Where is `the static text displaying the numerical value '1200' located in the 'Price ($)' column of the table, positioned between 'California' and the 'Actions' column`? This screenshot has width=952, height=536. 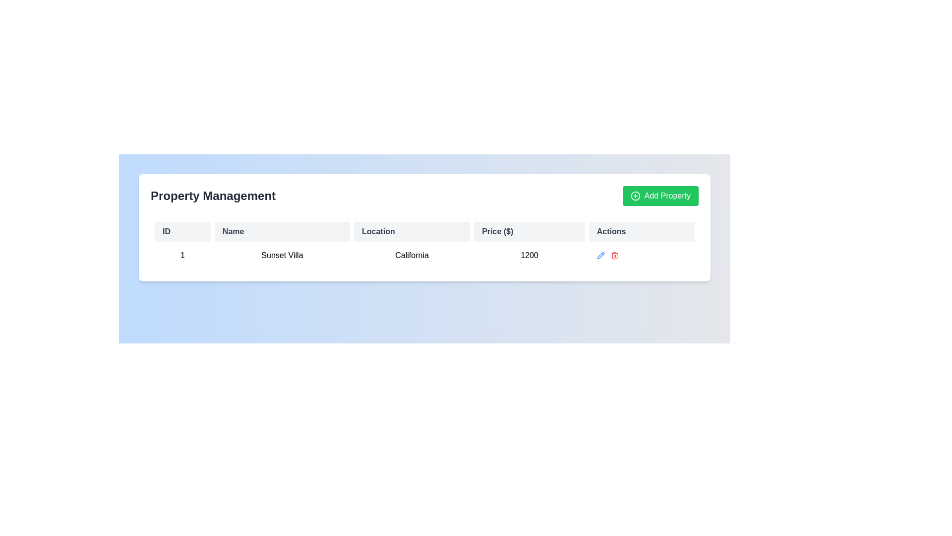
the static text displaying the numerical value '1200' located in the 'Price ($)' column of the table, positioned between 'California' and the 'Actions' column is located at coordinates (529, 255).